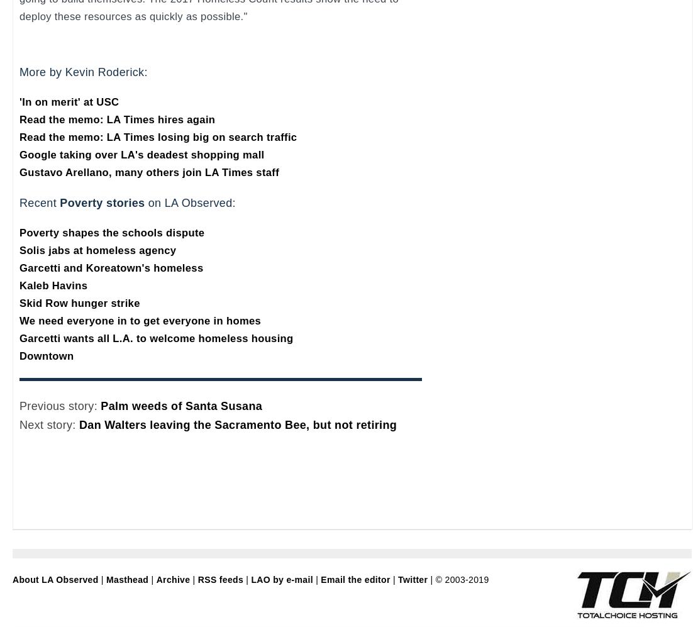 The image size is (693, 637). What do you see at coordinates (148, 172) in the screenshot?
I see `'Gustavo Arellano, many others join LA Times staff'` at bounding box center [148, 172].